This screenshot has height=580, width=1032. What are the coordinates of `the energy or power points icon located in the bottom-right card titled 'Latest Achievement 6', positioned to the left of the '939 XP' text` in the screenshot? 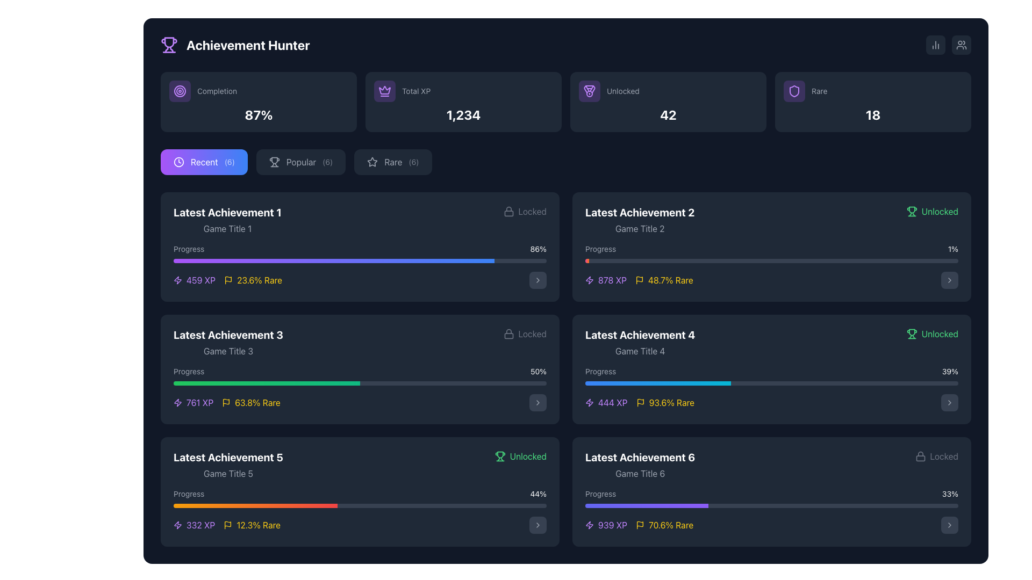 It's located at (589, 525).